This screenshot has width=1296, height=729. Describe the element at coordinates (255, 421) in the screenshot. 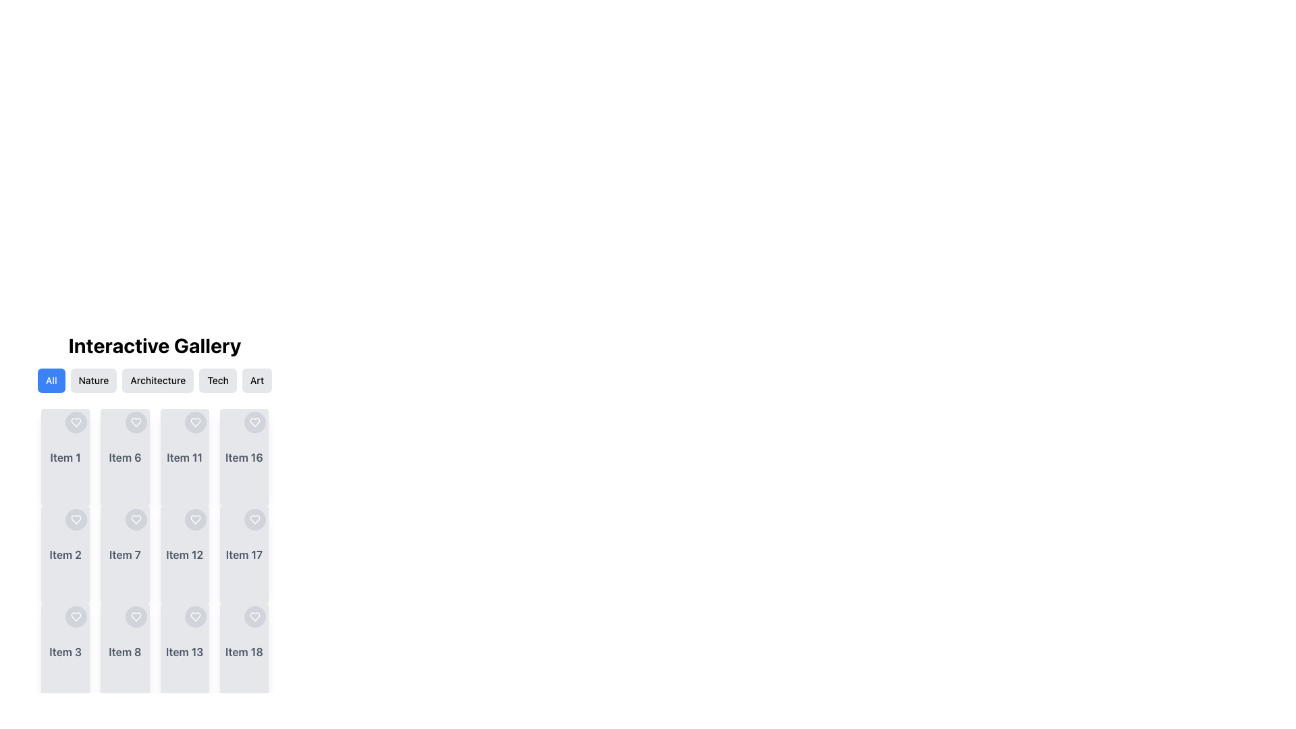

I see `the heart icon located in the fourth column and fourth row of the grid, corresponding to 'Item 16'` at that location.